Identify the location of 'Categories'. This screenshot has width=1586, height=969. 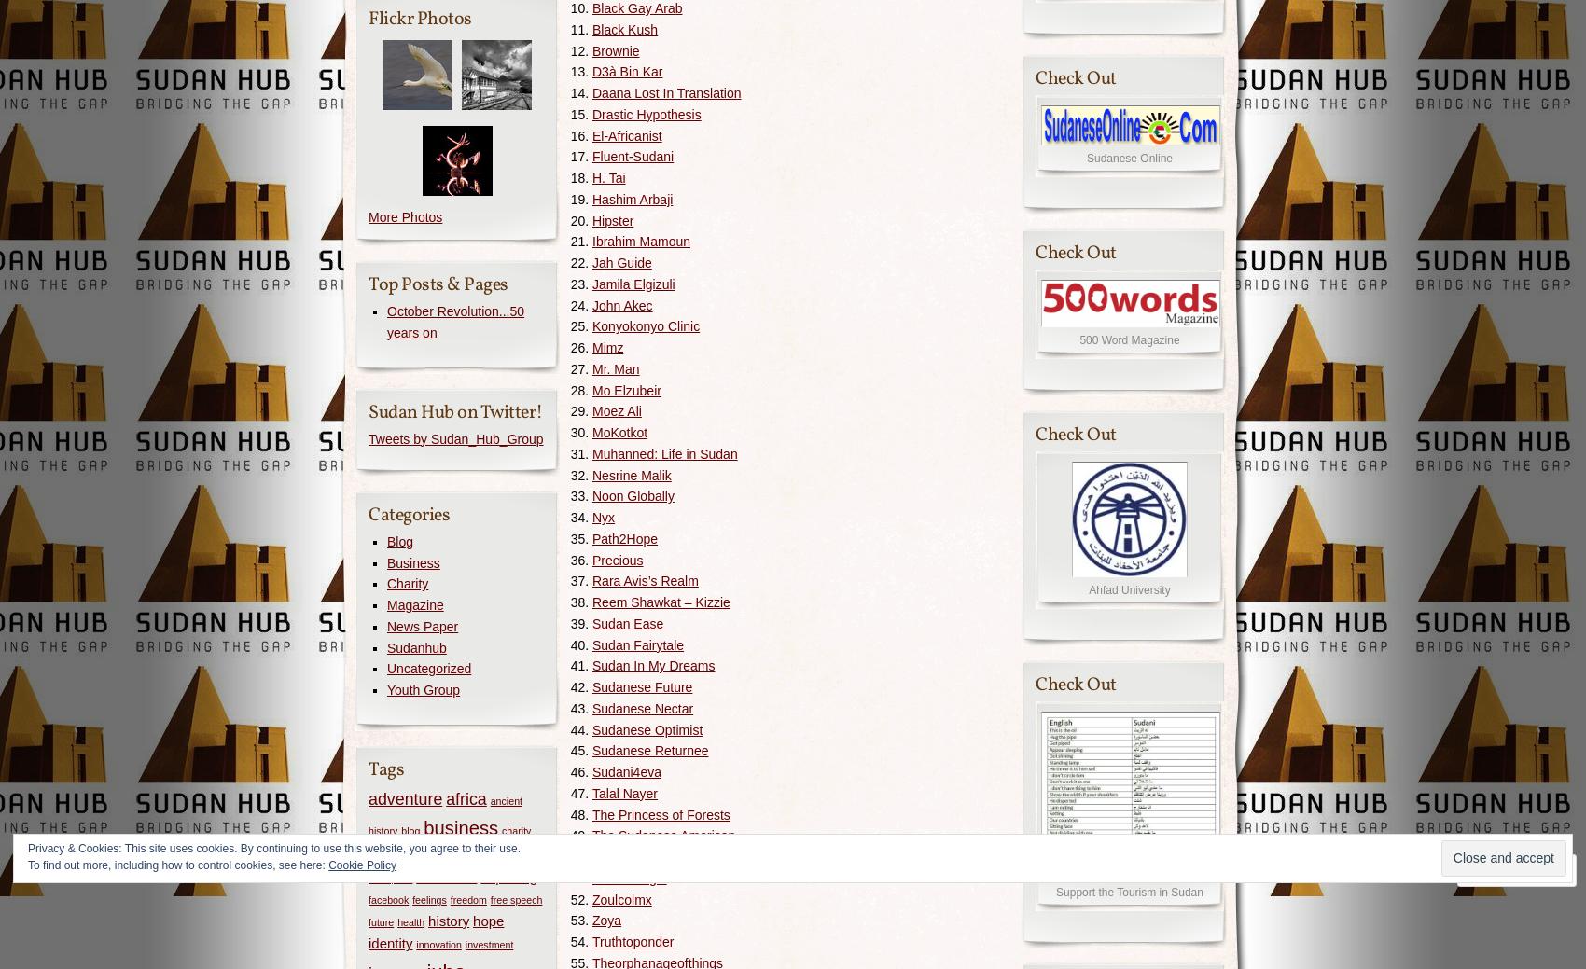
(409, 515).